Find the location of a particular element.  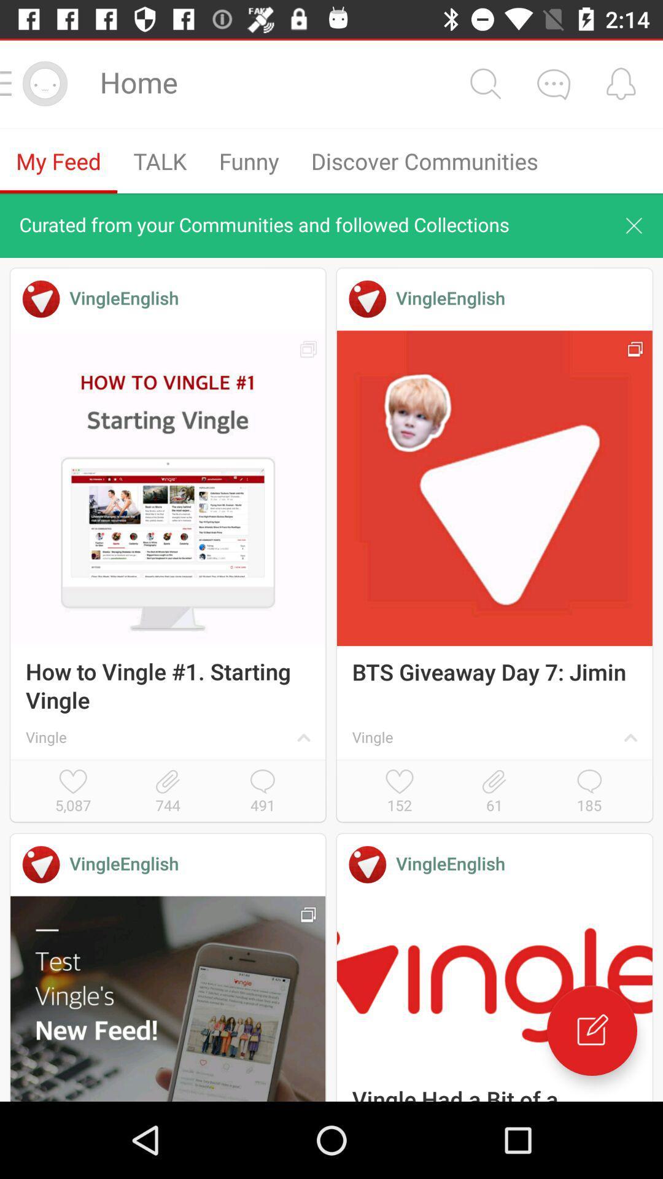

show the notifications is located at coordinates (621, 83).